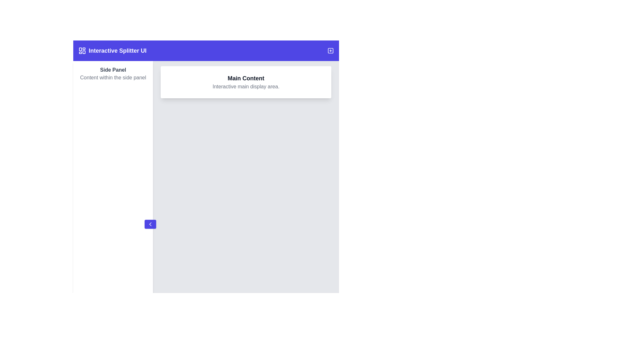  What do you see at coordinates (330, 50) in the screenshot?
I see `the Icon button with a plus sign located at the far right side of the header bar labeled 'Interactive Splitter UI'` at bounding box center [330, 50].